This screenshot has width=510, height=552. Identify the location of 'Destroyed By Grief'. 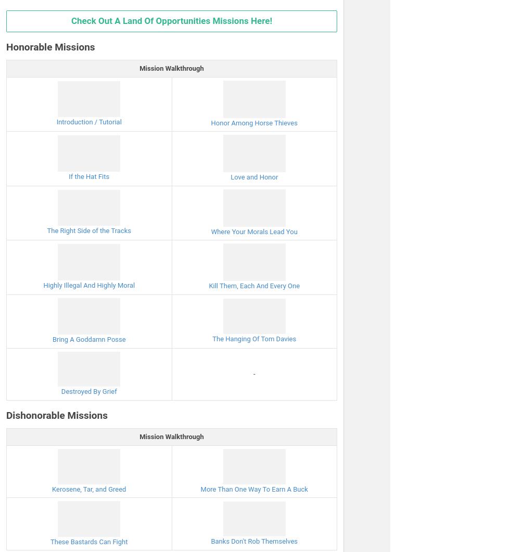
(61, 391).